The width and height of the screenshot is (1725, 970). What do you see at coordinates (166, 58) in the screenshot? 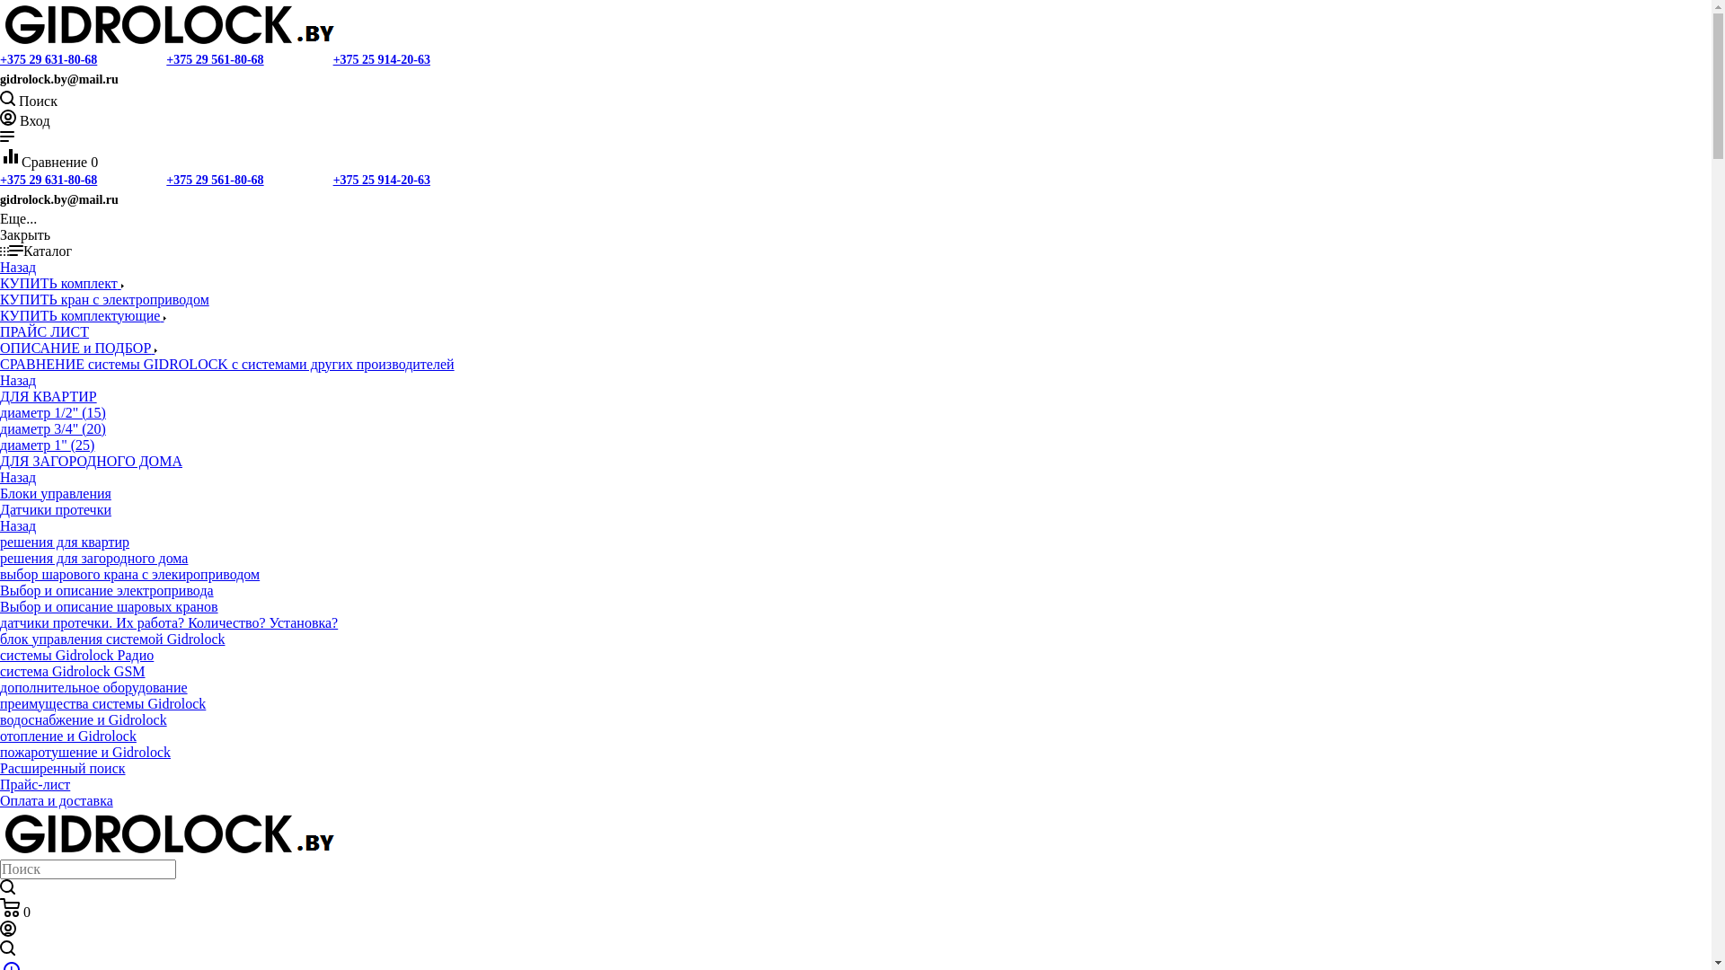
I see `'+375 29 561-80-68'` at bounding box center [166, 58].